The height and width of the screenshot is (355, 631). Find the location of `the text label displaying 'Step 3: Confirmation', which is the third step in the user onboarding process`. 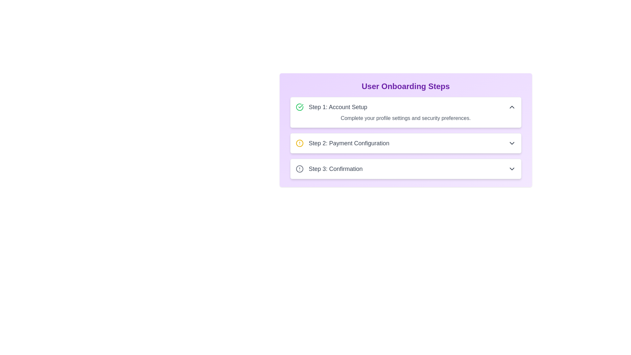

the text label displaying 'Step 3: Confirmation', which is the third step in the user onboarding process is located at coordinates (336, 168).